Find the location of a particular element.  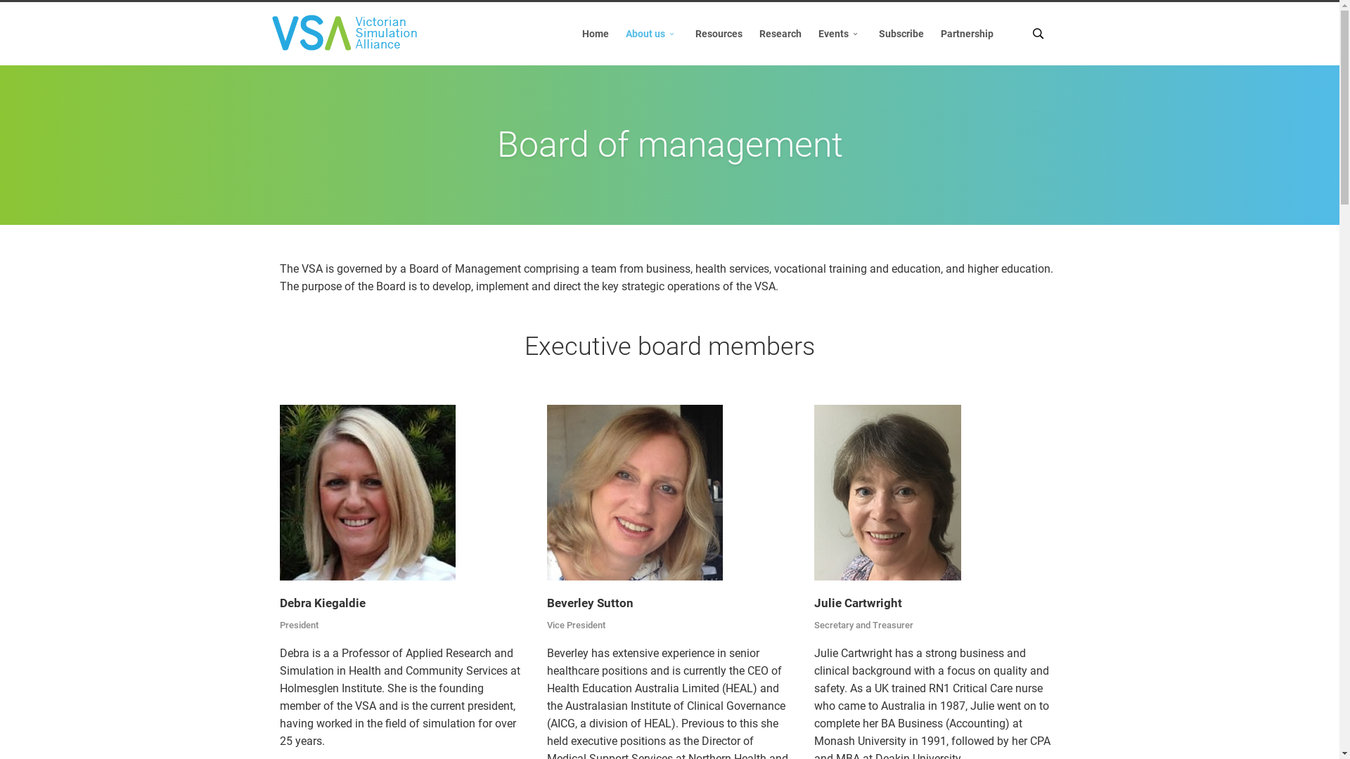

'Resources' is located at coordinates (719, 32).